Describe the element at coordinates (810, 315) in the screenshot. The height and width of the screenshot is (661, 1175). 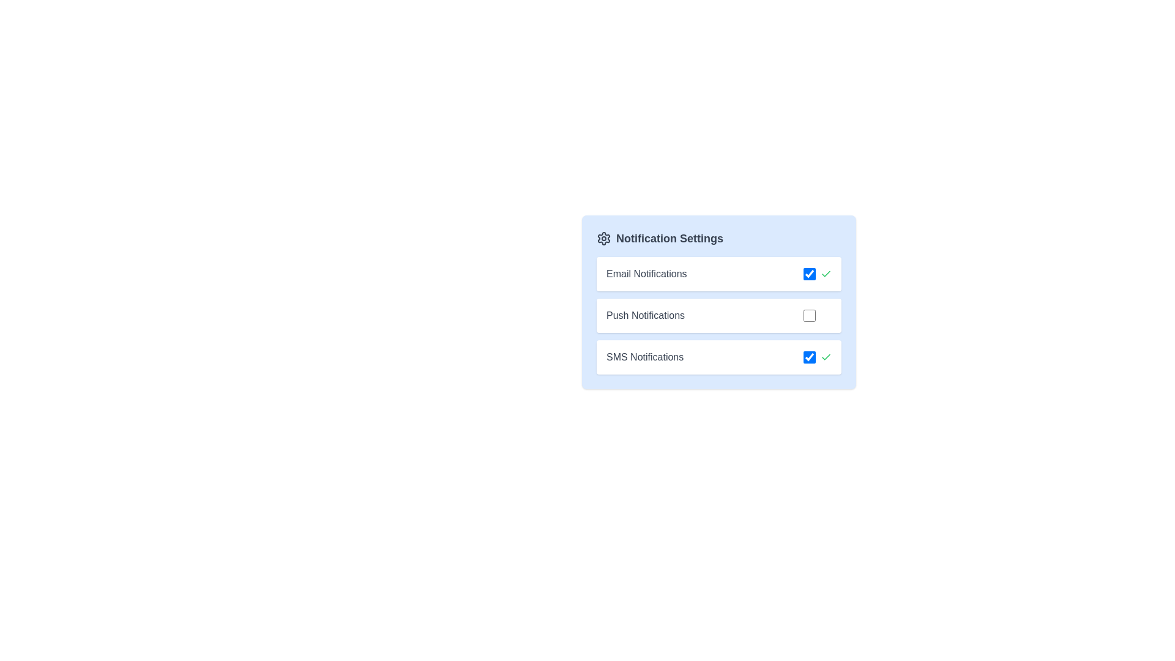
I see `the blue square checkbox associated with the 'Push Notifications' label` at that location.